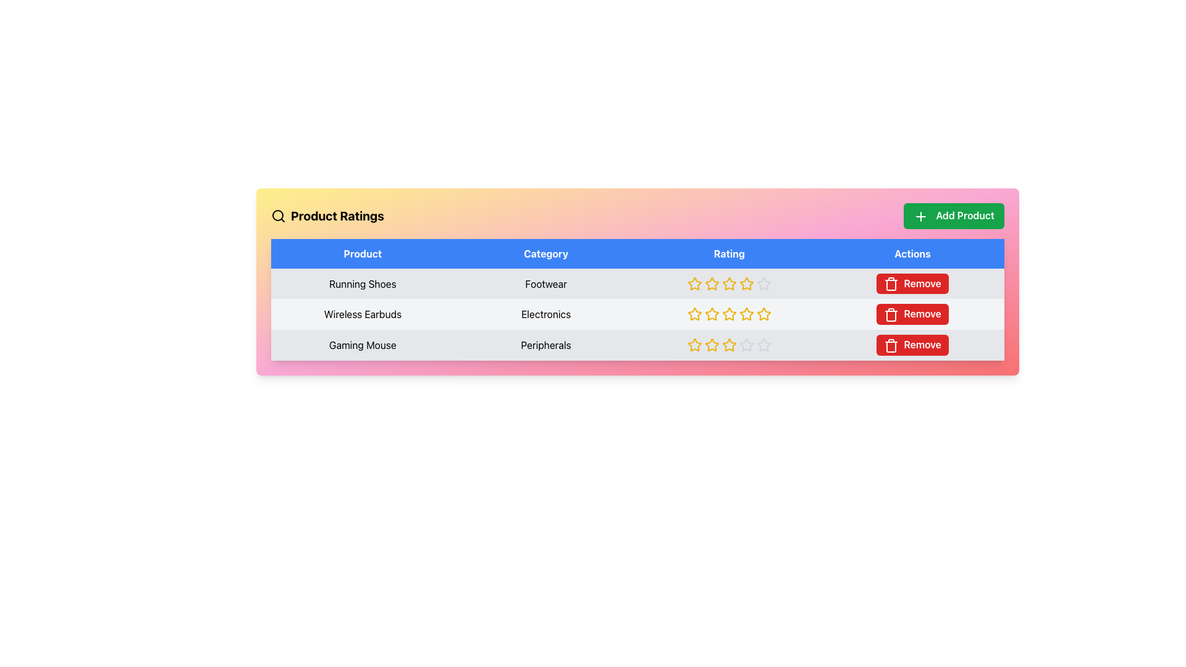 Image resolution: width=1186 pixels, height=667 pixels. Describe the element at coordinates (912, 345) in the screenshot. I see `the 'Remove' button, which is a bold red rectangular button with white text and a trash bin icon, located in the 'Actions' column of the 'Gaming Mouse' row` at that location.